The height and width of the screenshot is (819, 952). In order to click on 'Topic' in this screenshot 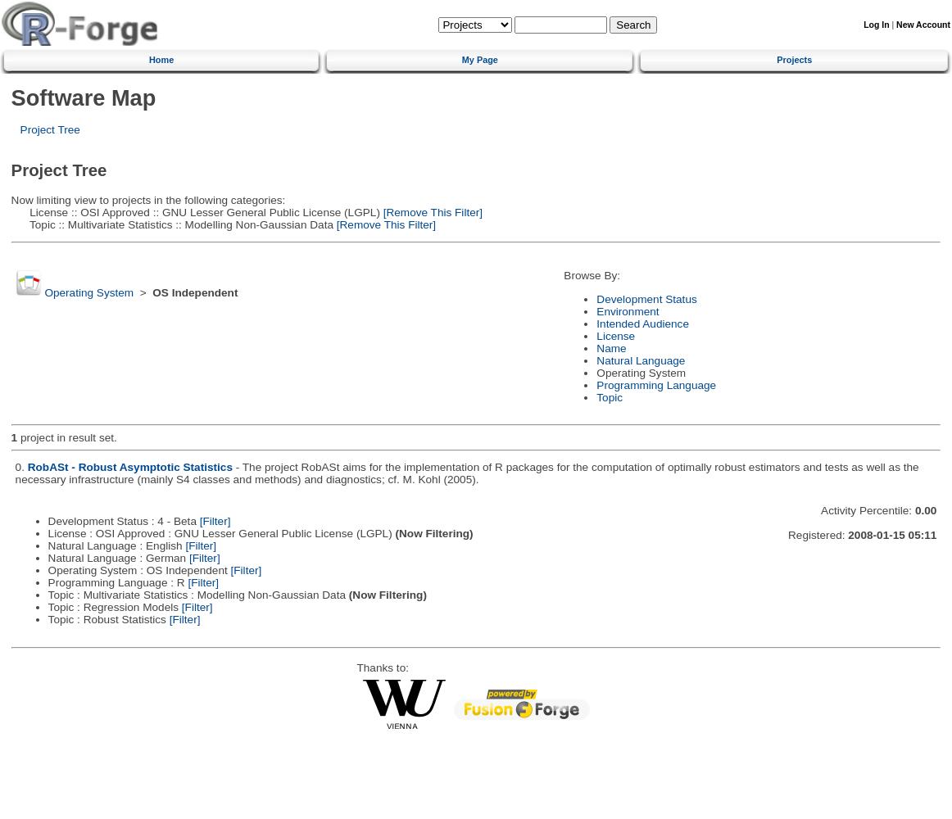, I will do `click(609, 396)`.